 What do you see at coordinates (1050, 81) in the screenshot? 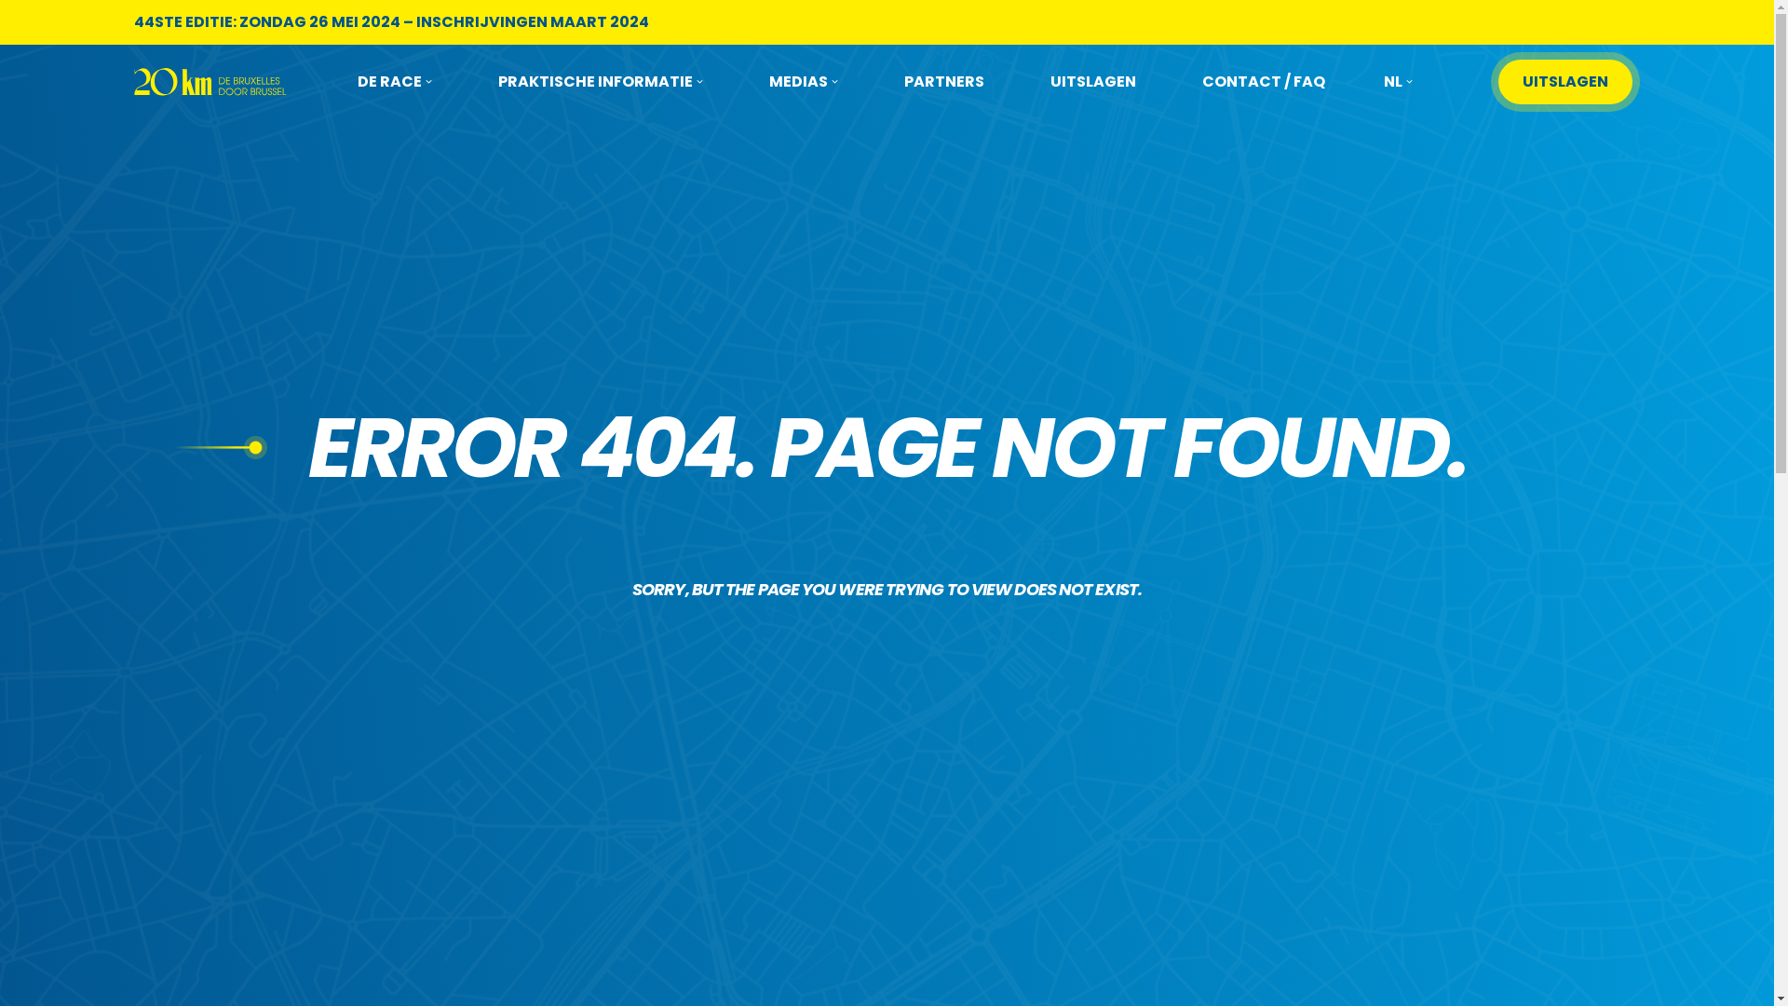
I see `'UITSLAGEN'` at bounding box center [1050, 81].